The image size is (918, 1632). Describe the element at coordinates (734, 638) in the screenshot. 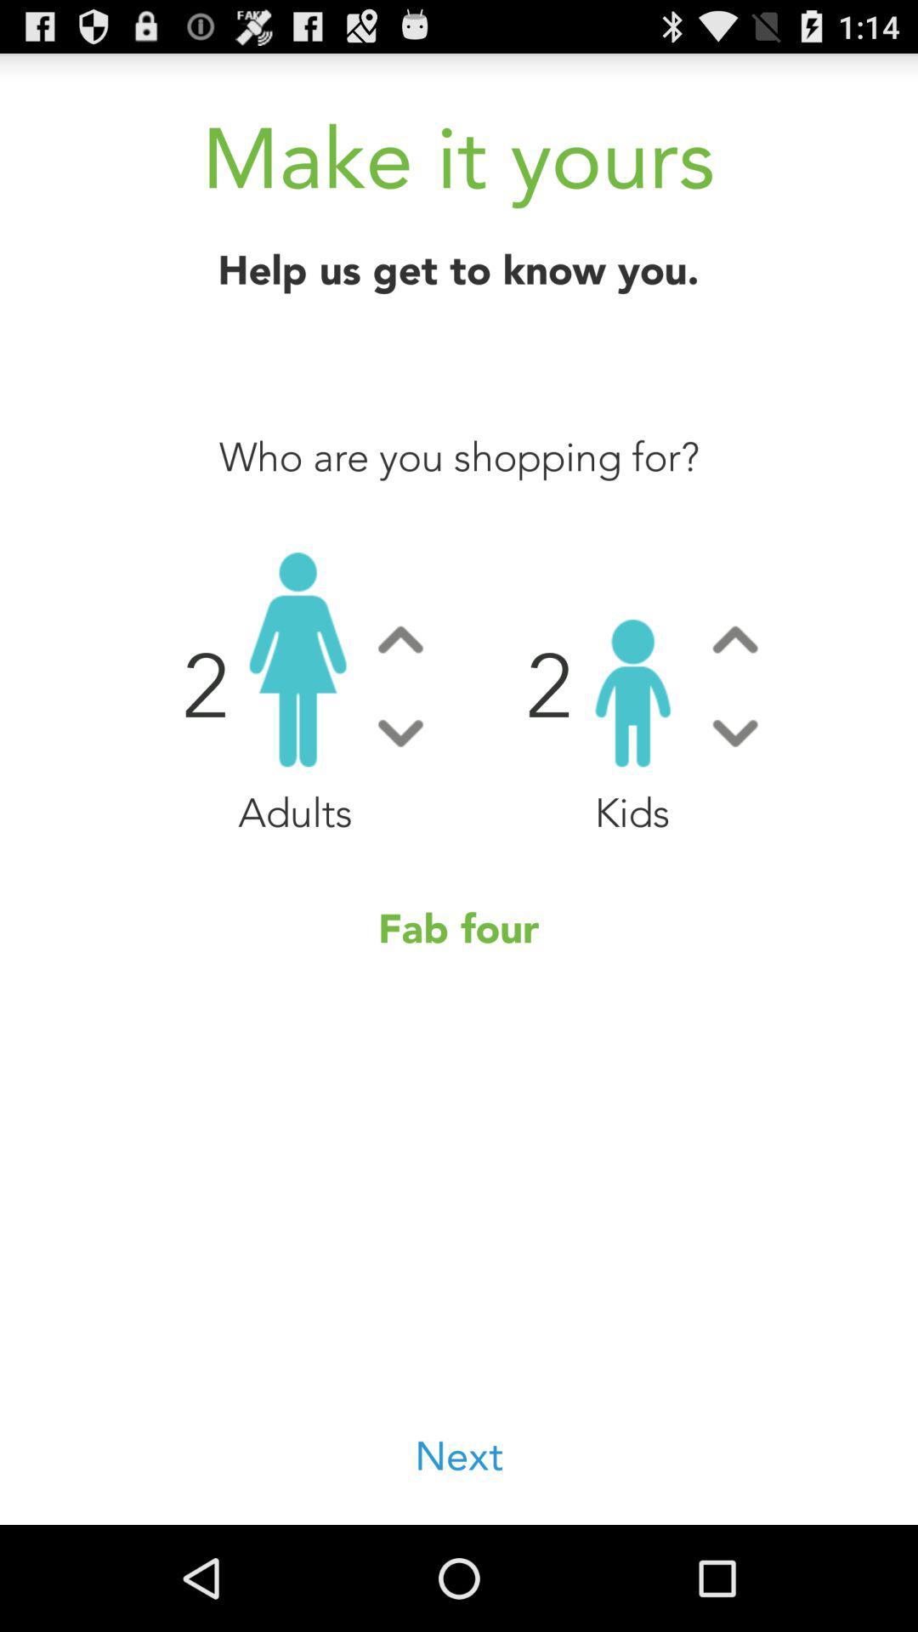

I see `increase button` at that location.